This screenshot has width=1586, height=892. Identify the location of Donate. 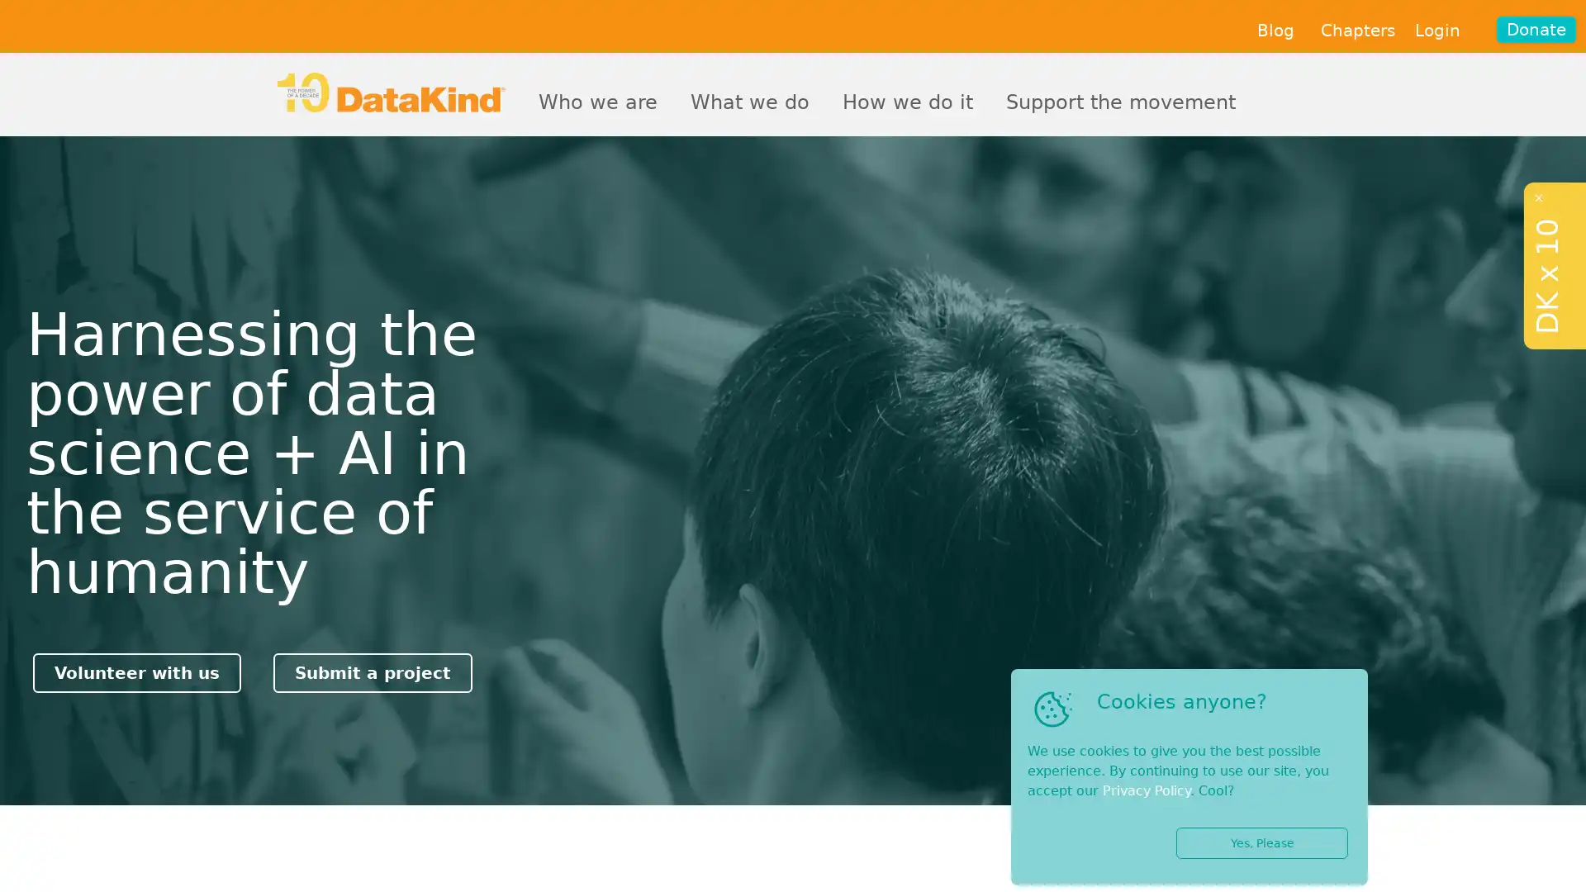
(1536, 29).